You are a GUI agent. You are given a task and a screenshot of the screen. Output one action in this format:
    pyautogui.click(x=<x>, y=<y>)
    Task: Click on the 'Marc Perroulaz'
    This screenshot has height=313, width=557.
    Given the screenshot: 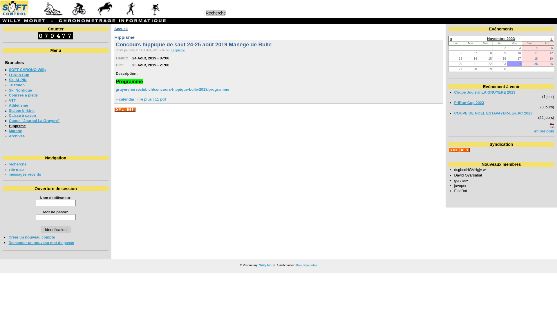 What is the action you would take?
    pyautogui.click(x=306, y=265)
    